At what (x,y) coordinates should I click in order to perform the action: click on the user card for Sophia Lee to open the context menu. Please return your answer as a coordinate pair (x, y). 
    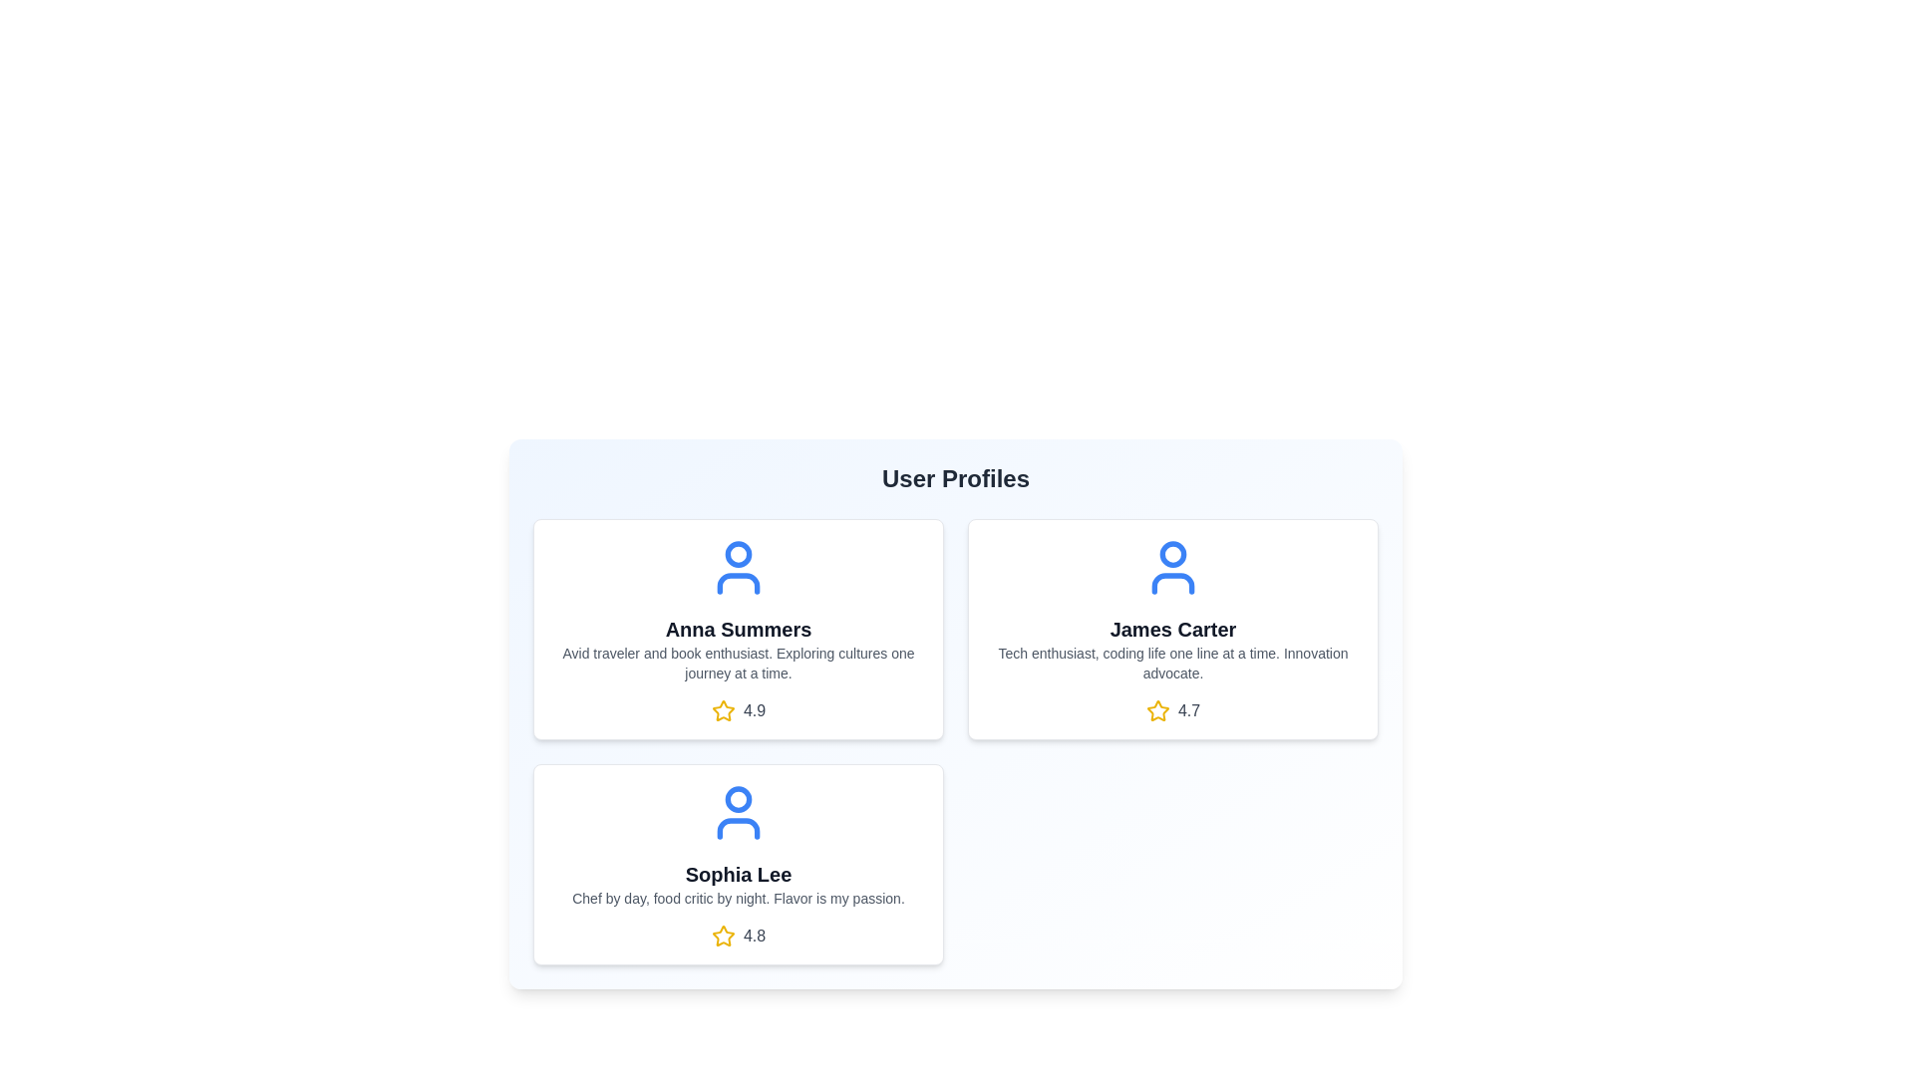
    Looking at the image, I should click on (737, 863).